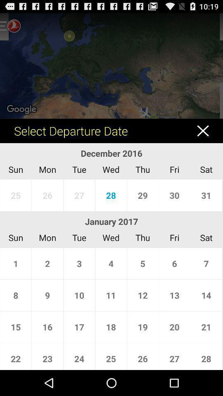  I want to click on page, so click(206, 131).